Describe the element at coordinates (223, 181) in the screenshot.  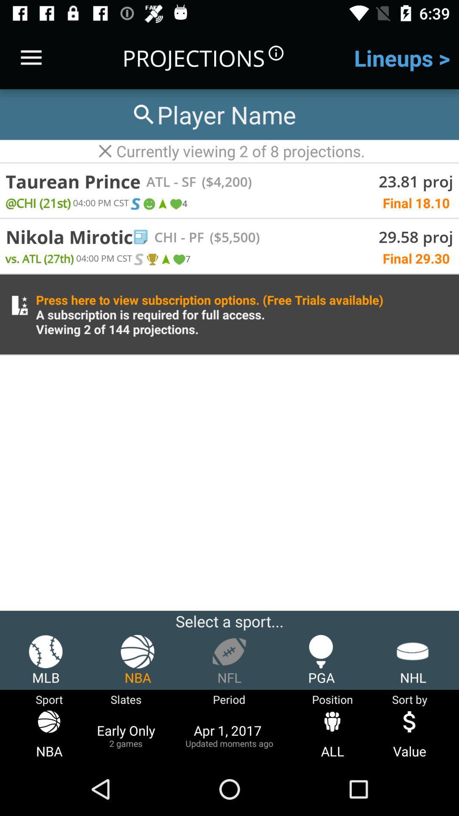
I see `($4,200) item` at that location.